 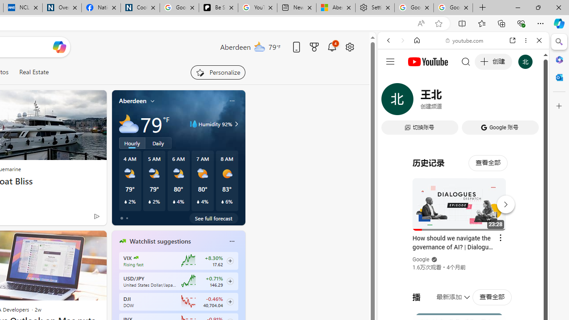 What do you see at coordinates (392, 101) in the screenshot?
I see `'WEB  '` at bounding box center [392, 101].